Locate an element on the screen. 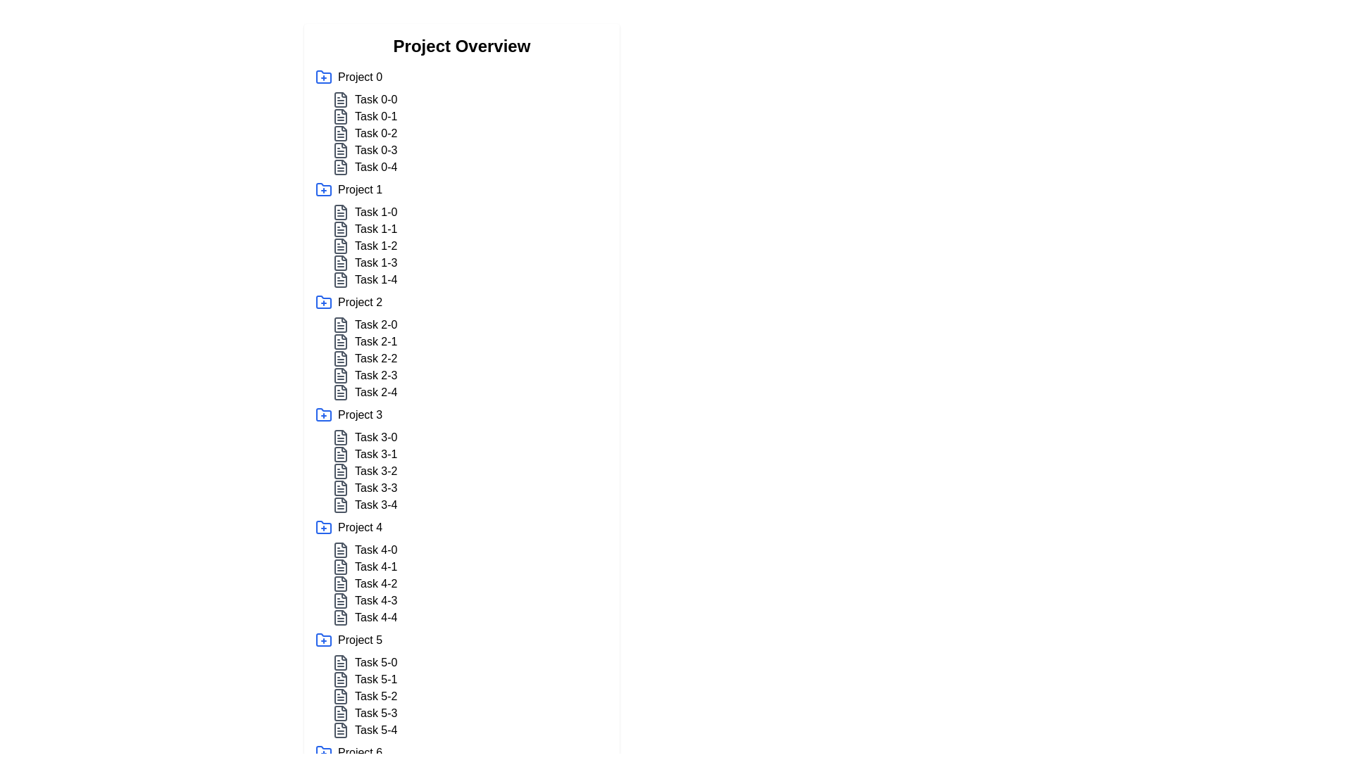 The height and width of the screenshot is (760, 1352). the task entry in the List component under 'Project 3' is located at coordinates (470, 471).